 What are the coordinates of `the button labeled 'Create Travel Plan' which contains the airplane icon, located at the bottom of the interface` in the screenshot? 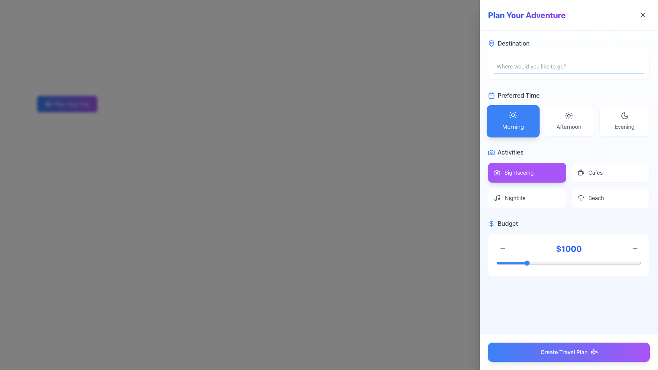 It's located at (593, 352).